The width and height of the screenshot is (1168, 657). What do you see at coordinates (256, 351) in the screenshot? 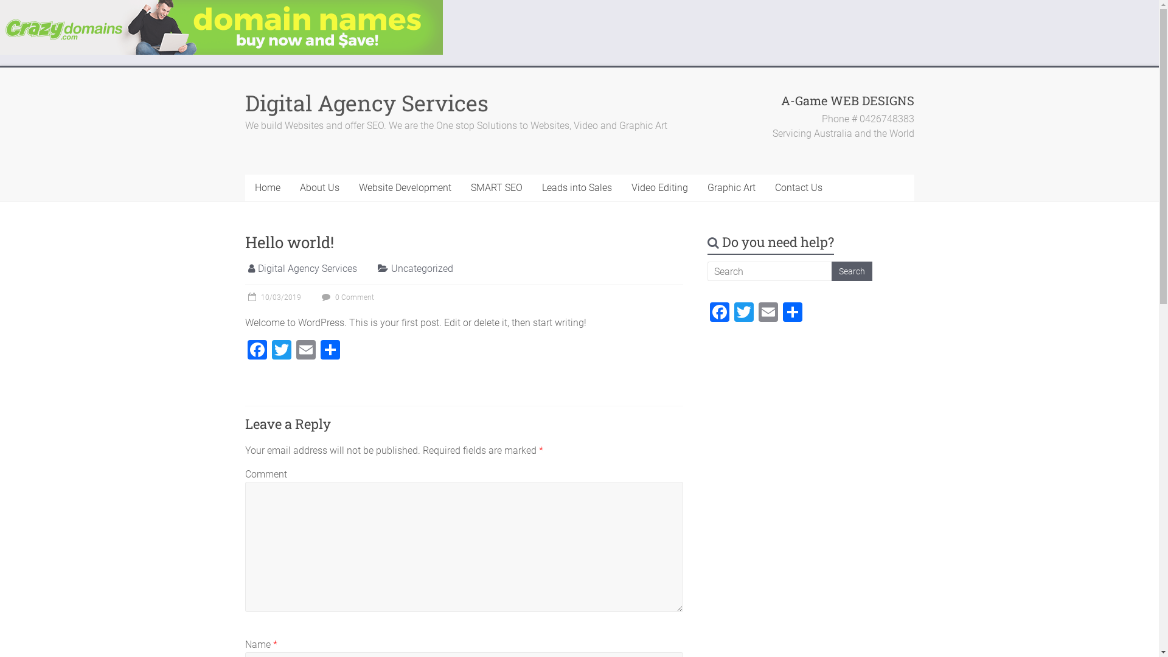
I see `'Facebook'` at bounding box center [256, 351].